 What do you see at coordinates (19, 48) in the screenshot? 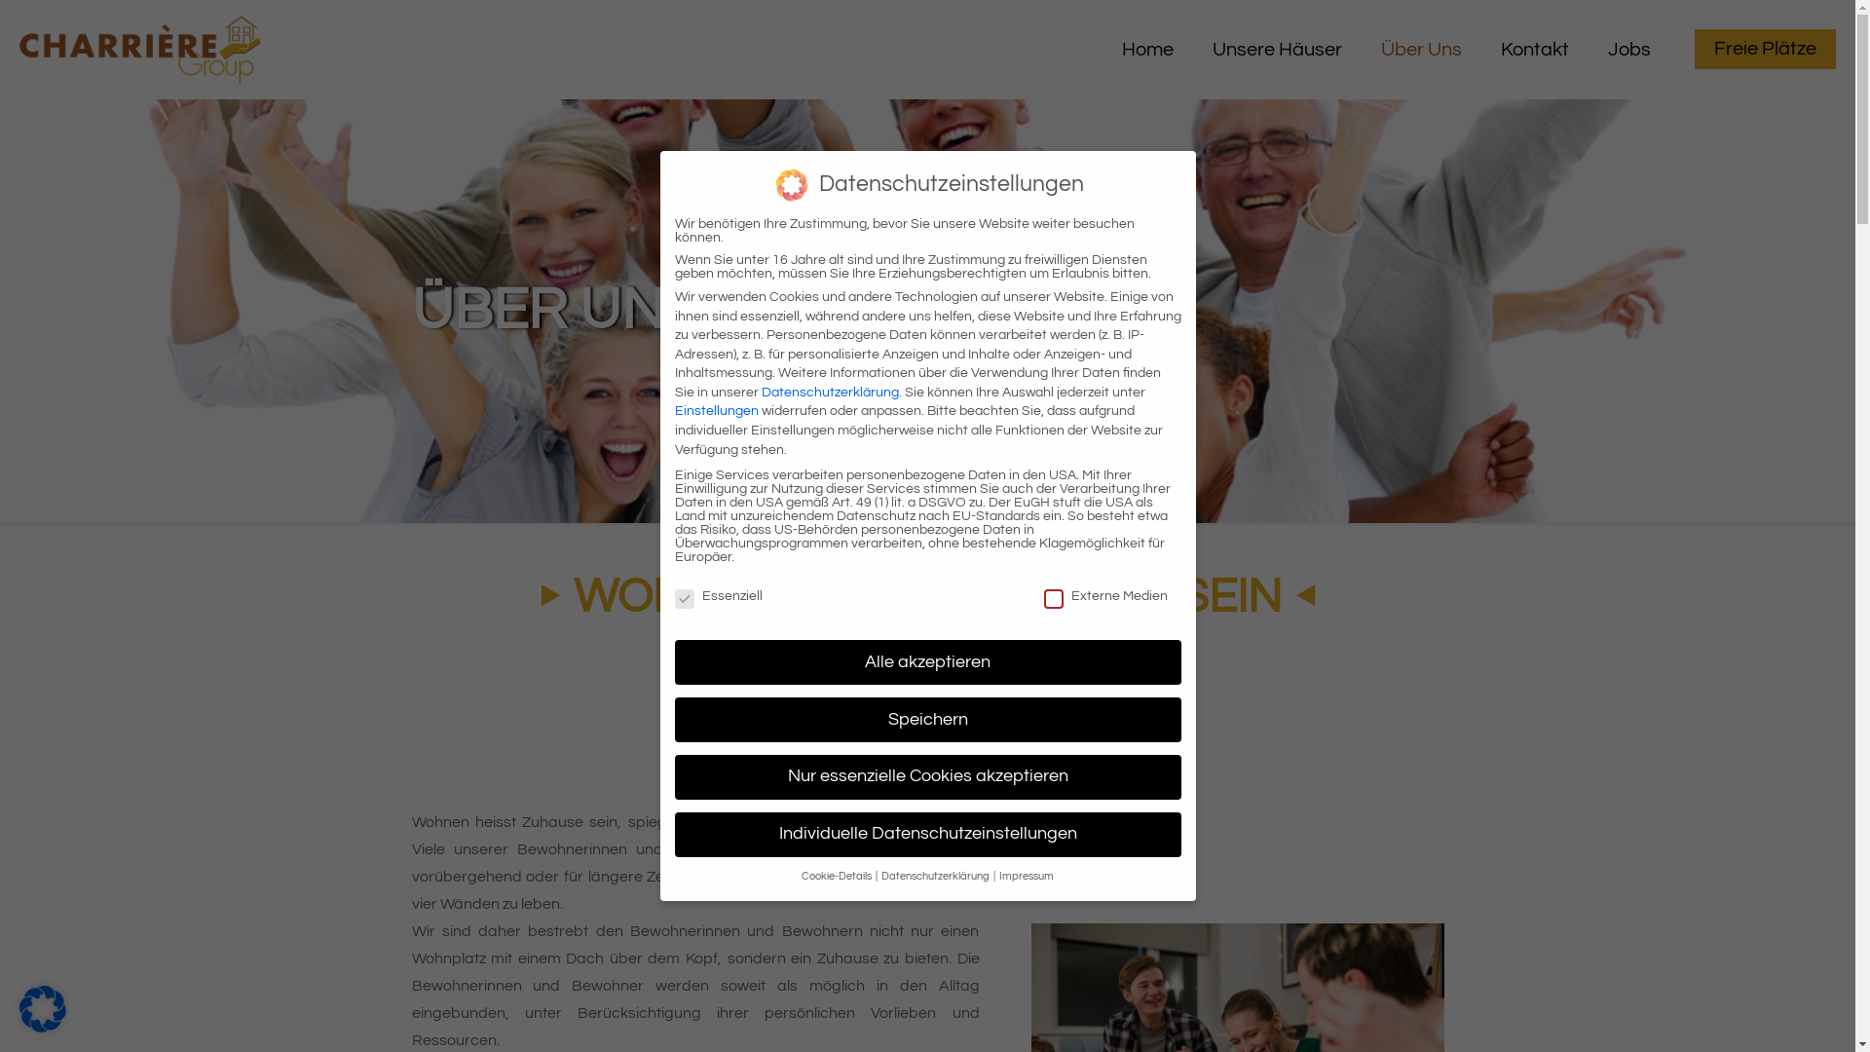
I see `'Charriere Group'` at bounding box center [19, 48].